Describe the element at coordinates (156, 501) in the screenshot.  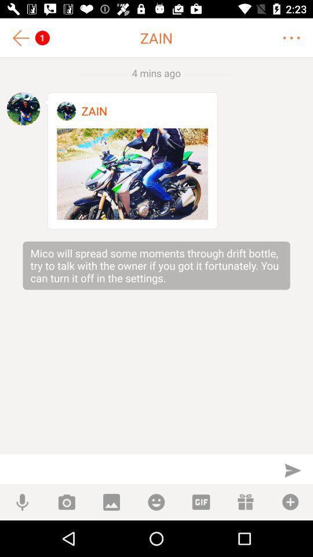
I see `the emoji icon` at that location.